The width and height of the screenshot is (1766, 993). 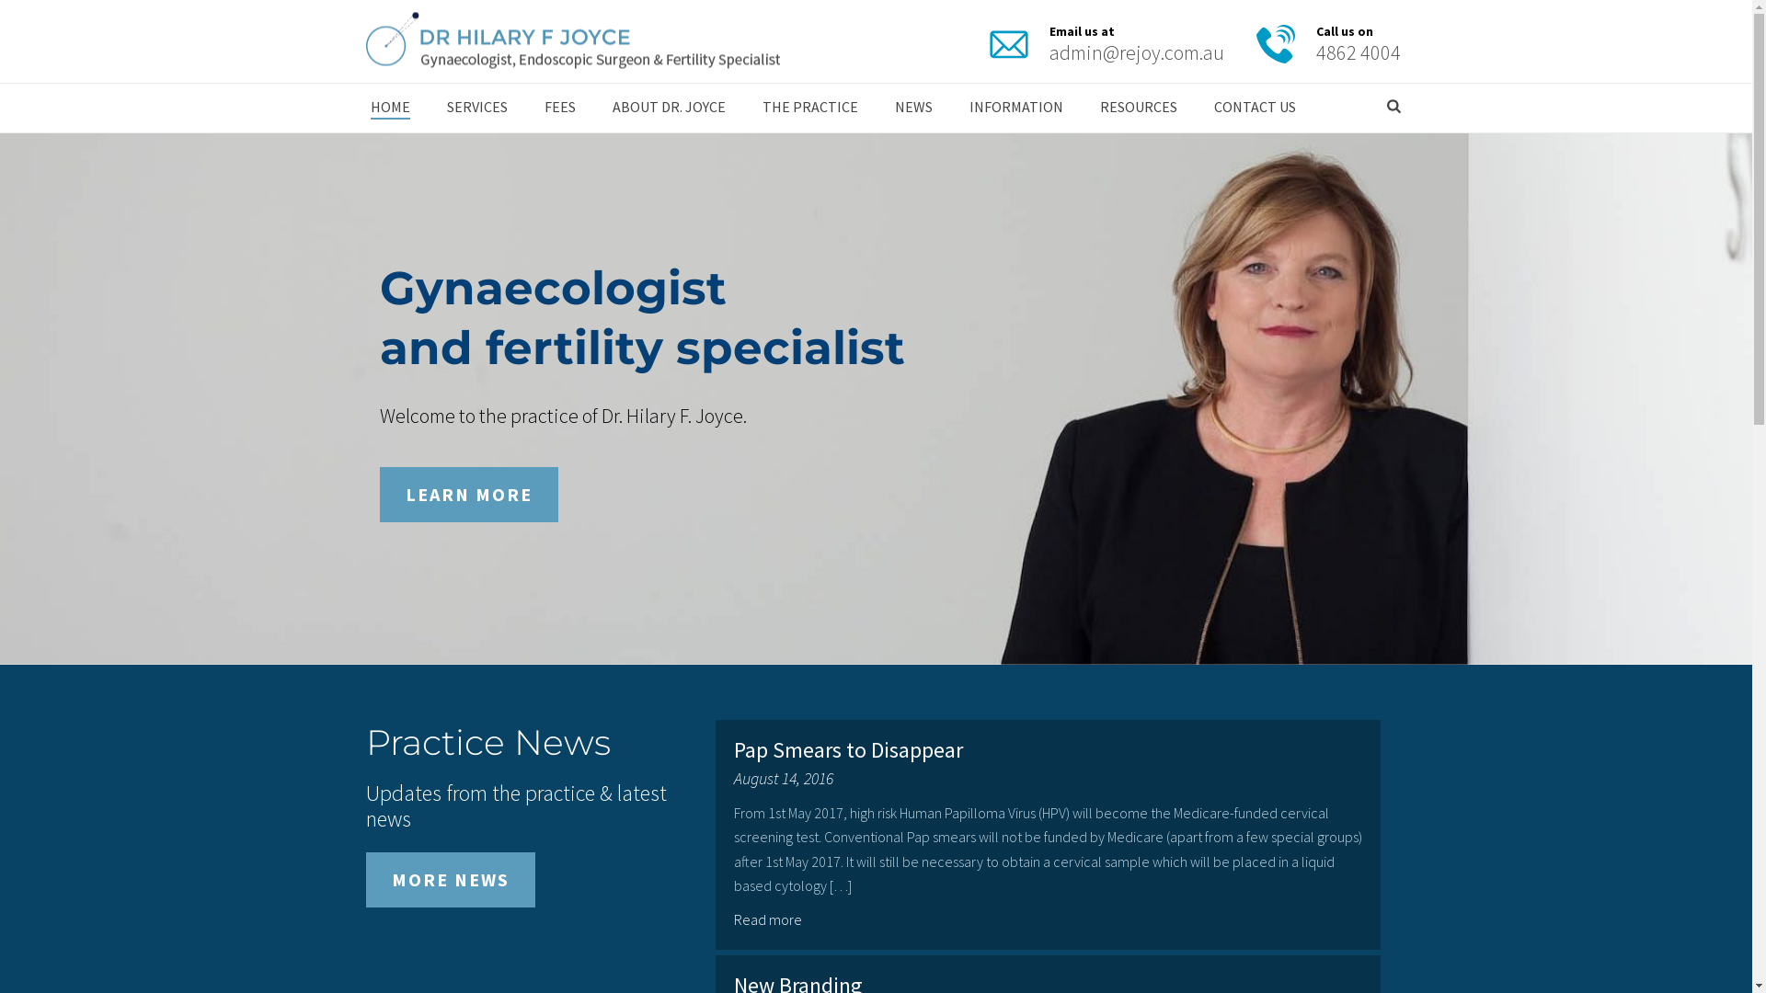 I want to click on 'Read more', so click(x=732, y=919).